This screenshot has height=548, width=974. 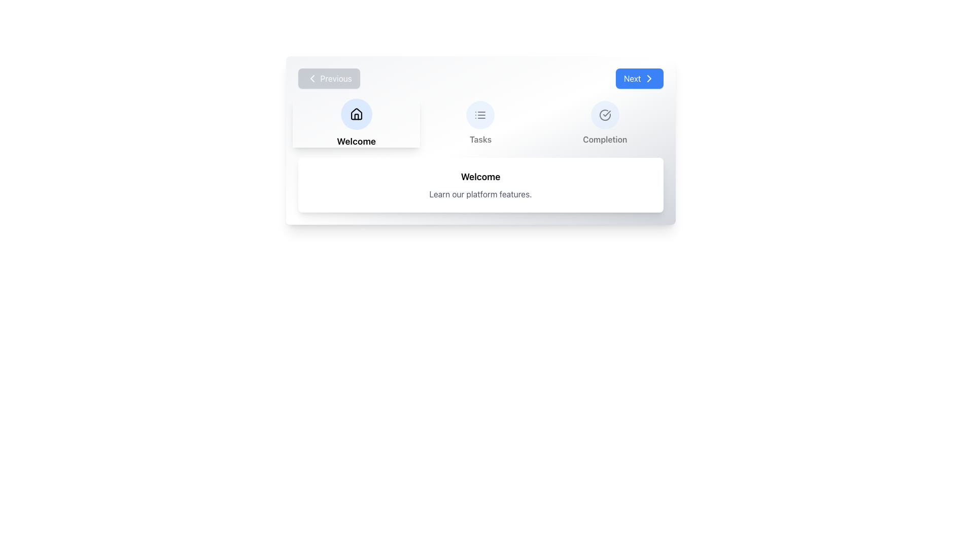 I want to click on the informational banner located below the 'Welcome', 'Tasks', and 'Completion' buttons, which provides a welcoming message and introductory text, so click(x=480, y=185).